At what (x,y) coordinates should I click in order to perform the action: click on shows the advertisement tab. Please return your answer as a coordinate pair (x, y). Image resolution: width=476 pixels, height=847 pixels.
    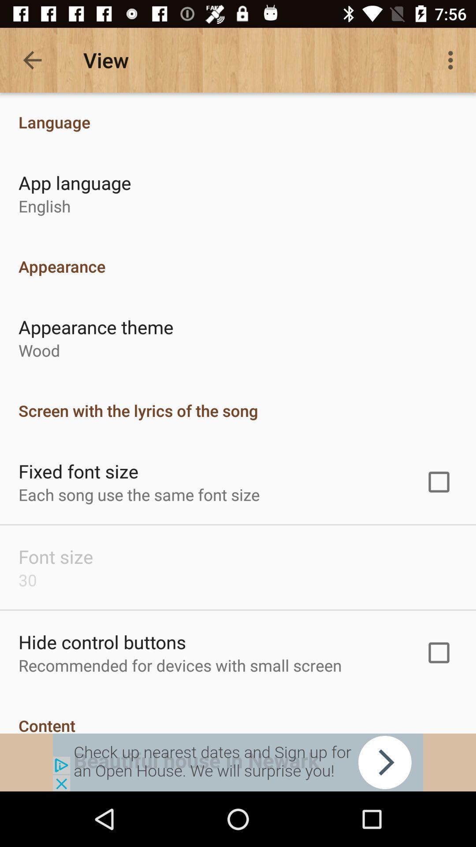
    Looking at the image, I should click on (238, 762).